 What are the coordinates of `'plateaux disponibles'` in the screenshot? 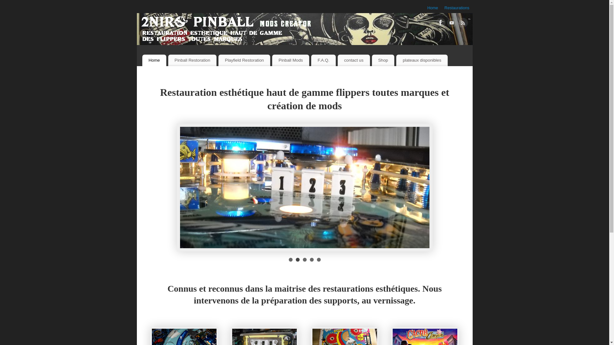 It's located at (422, 60).